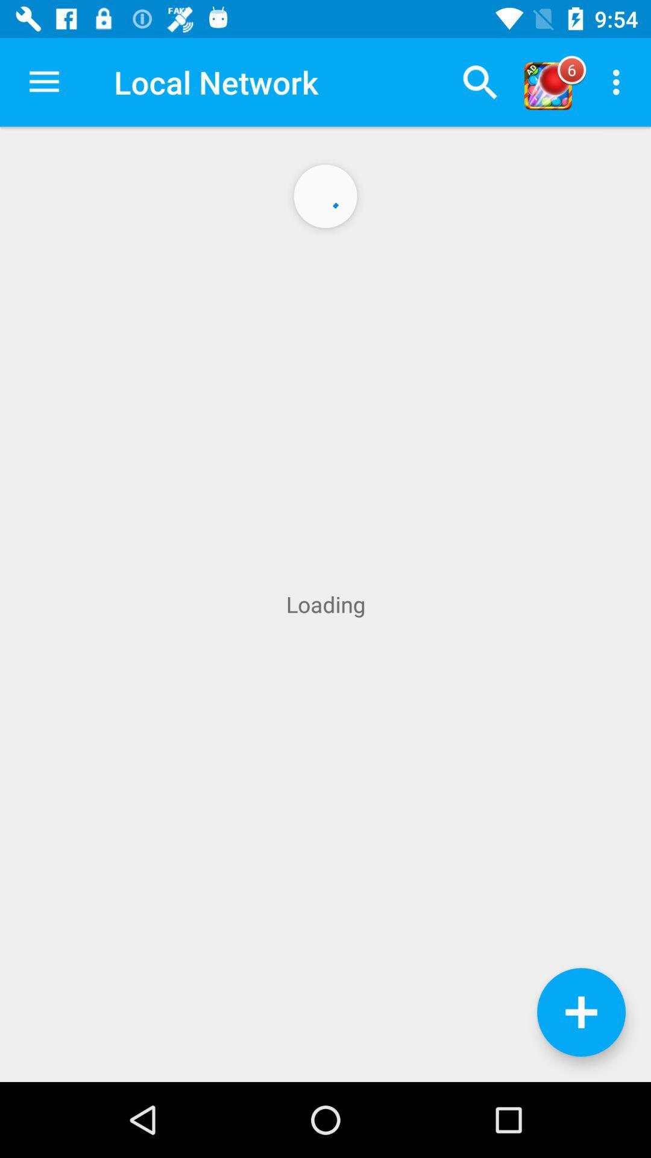 The image size is (651, 1158). I want to click on the item above loading icon, so click(43, 81).